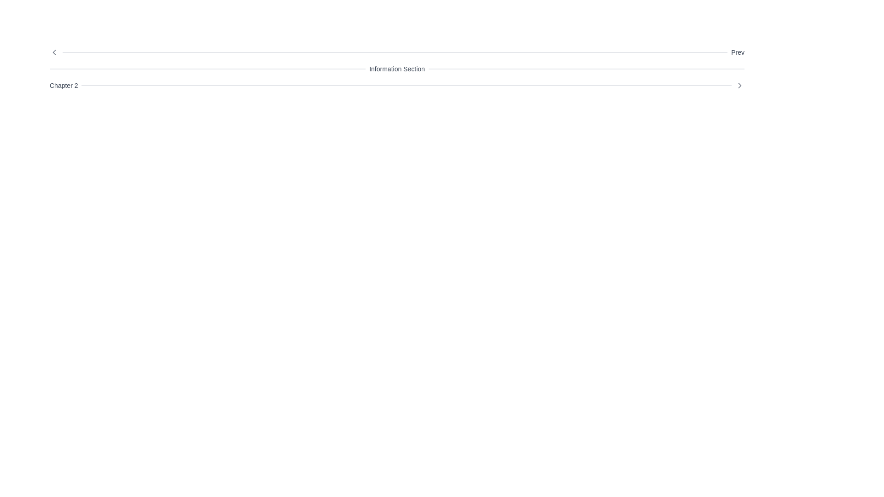 The width and height of the screenshot is (884, 497). Describe the element at coordinates (54, 52) in the screenshot. I see `the leftward navigation icon that indicates navigation towards the preceding item or section, which is positioned before the 'Prev' label and adjacent to a decorative line` at that location.